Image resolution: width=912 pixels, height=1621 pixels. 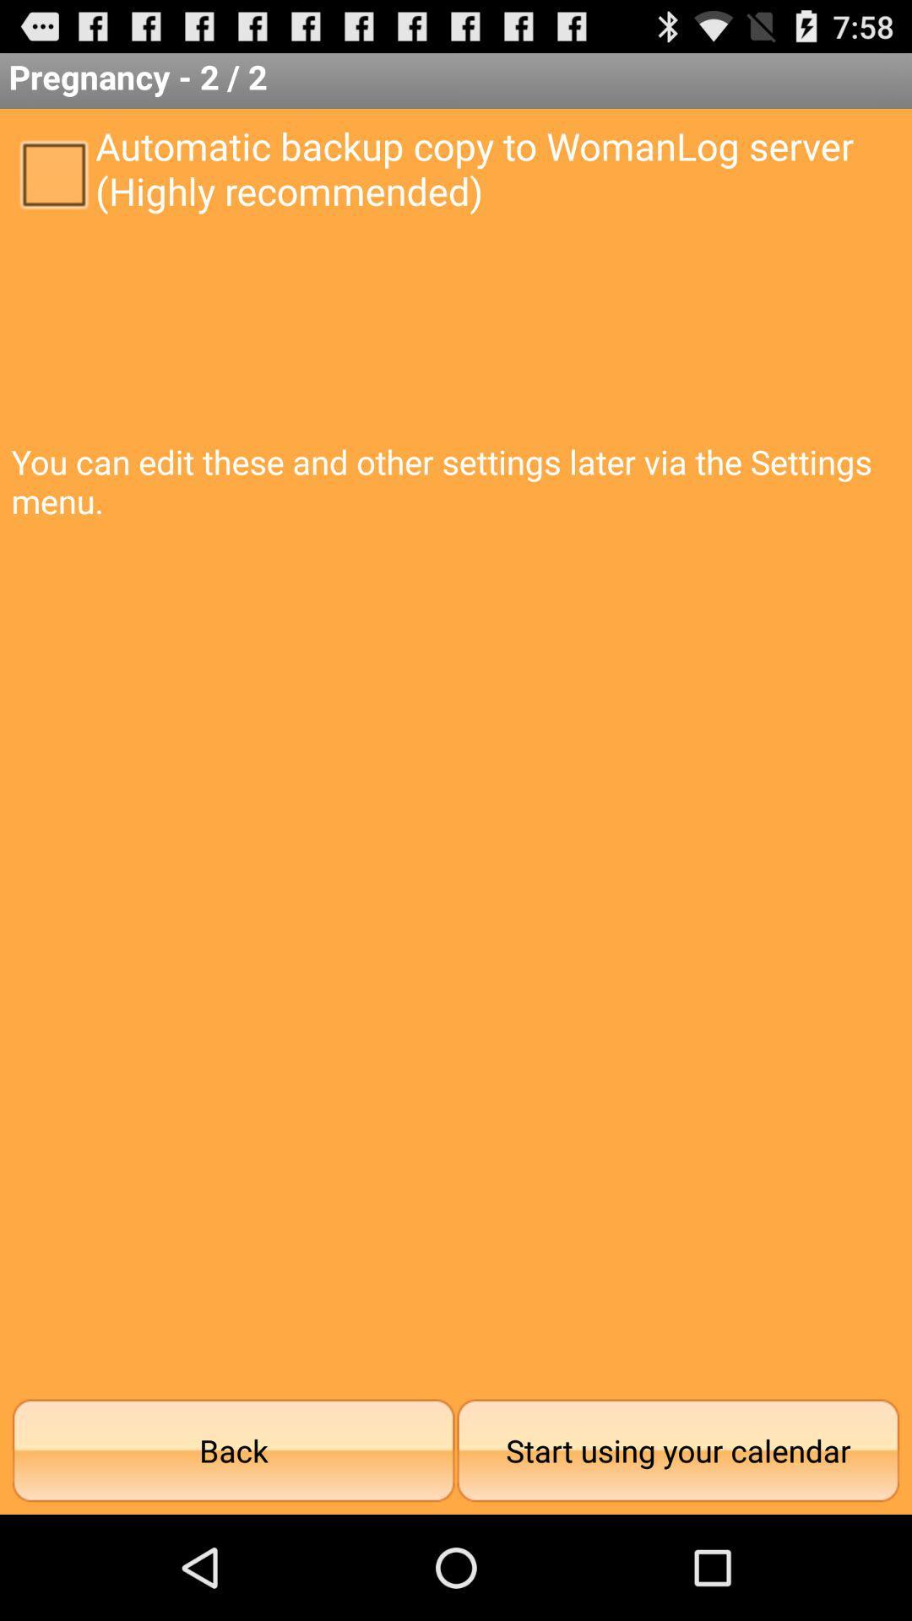 What do you see at coordinates (677, 1450) in the screenshot?
I see `start using your icon` at bounding box center [677, 1450].